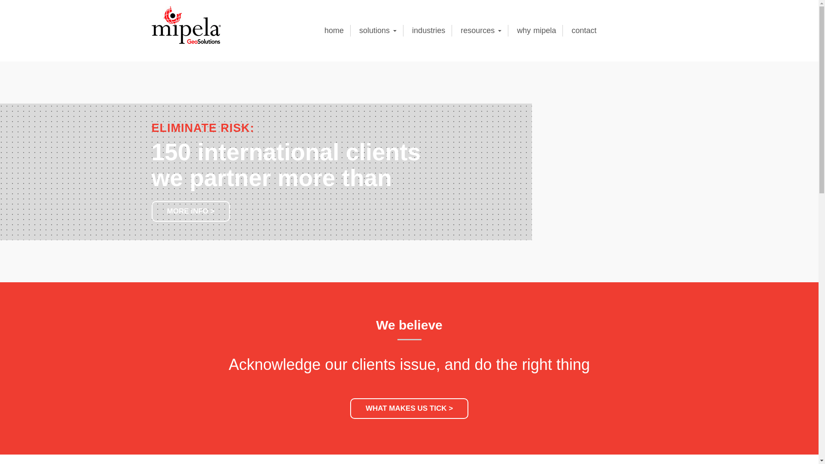 This screenshot has height=464, width=825. I want to click on 'resources', so click(480, 30).